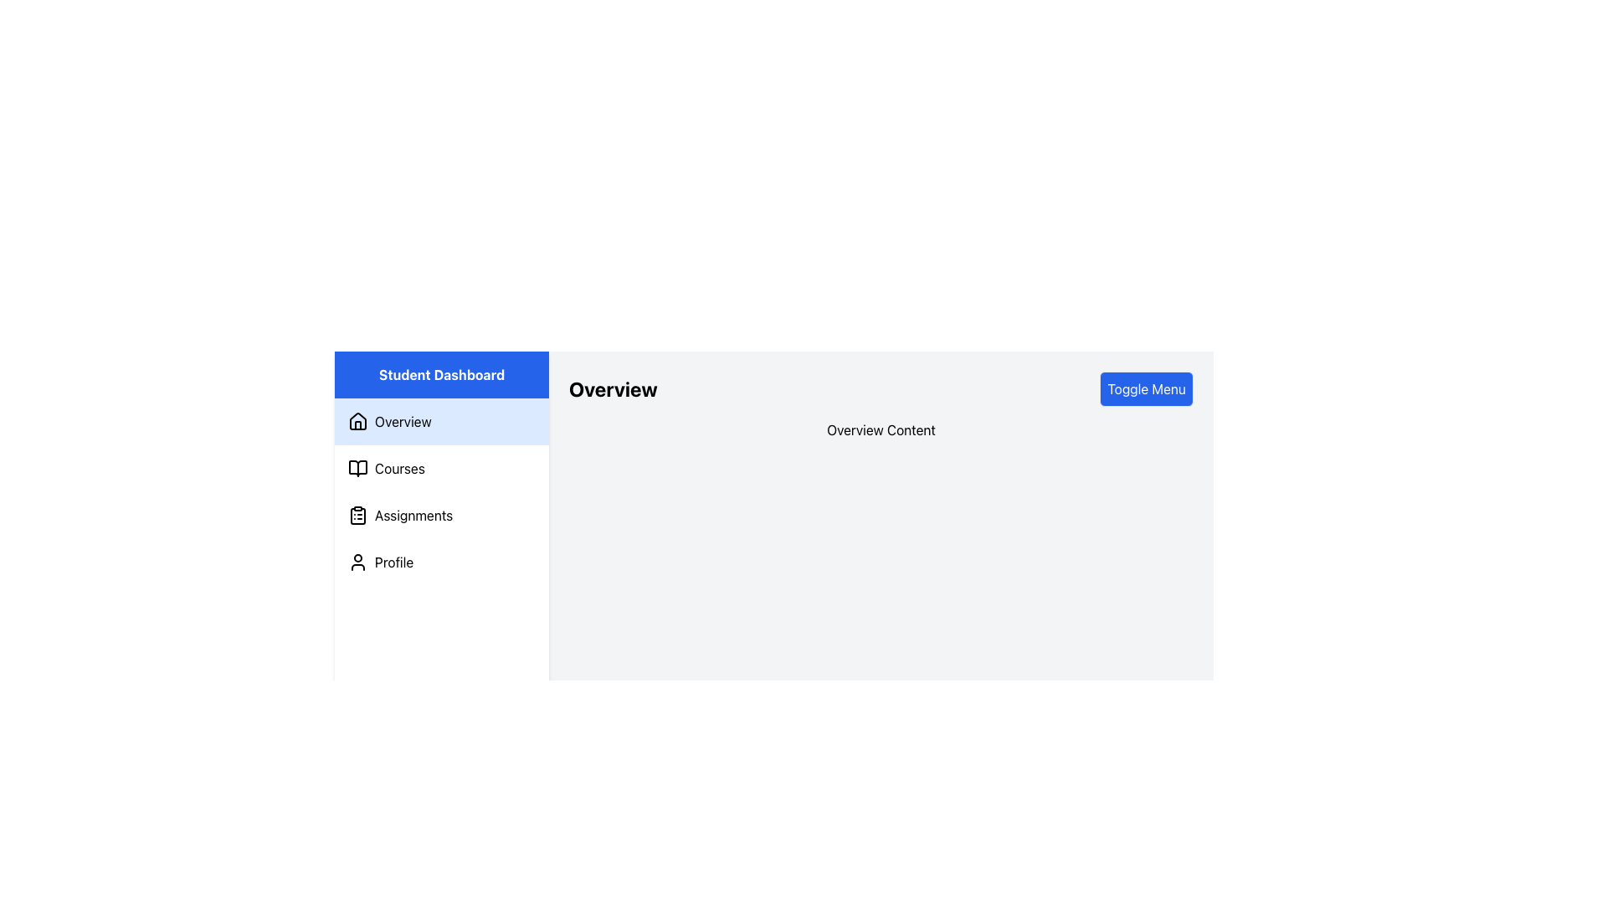 The image size is (1607, 904). Describe the element at coordinates (413, 515) in the screenshot. I see `the 'Assignments' text label in the navigation menu, which is displayed in black on a white background and located between 'Courses' and 'Profile'` at that location.